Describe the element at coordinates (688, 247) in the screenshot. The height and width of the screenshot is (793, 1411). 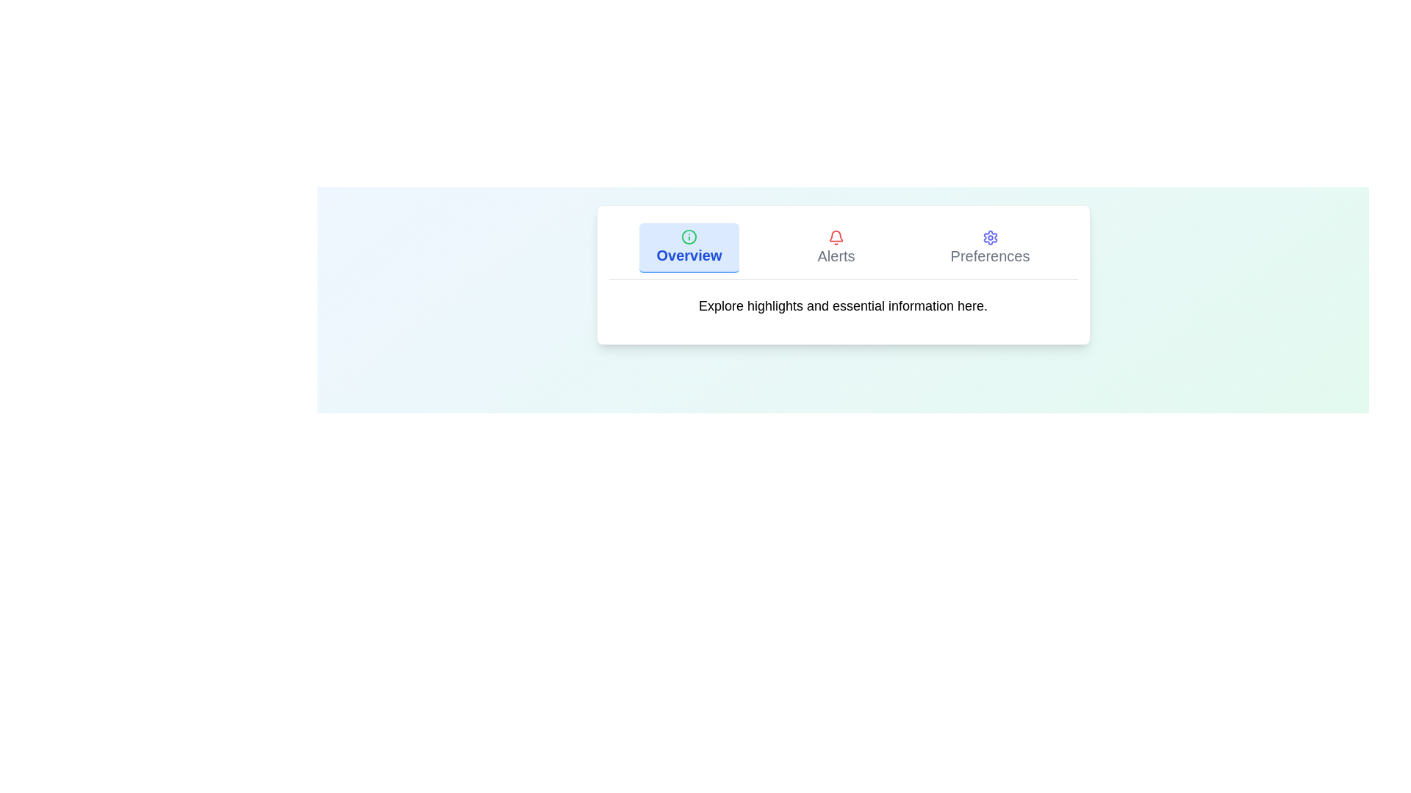
I see `the tab with the title Overview to inspect its details` at that location.